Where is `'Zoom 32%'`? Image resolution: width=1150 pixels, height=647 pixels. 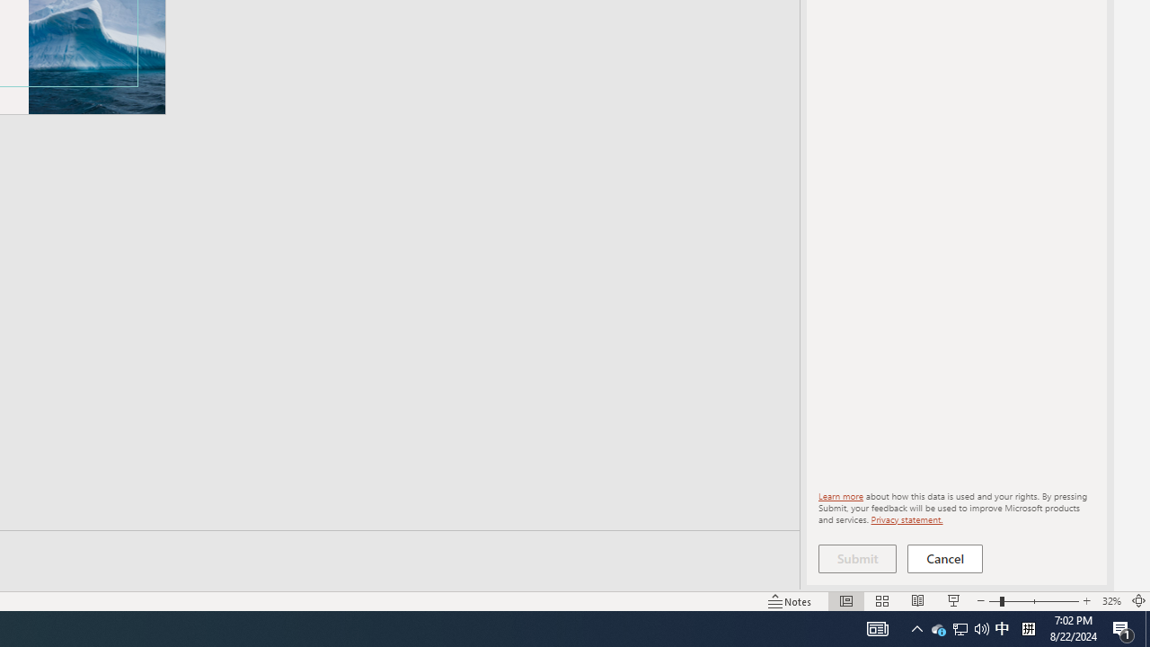 'Zoom 32%' is located at coordinates (1110, 601).